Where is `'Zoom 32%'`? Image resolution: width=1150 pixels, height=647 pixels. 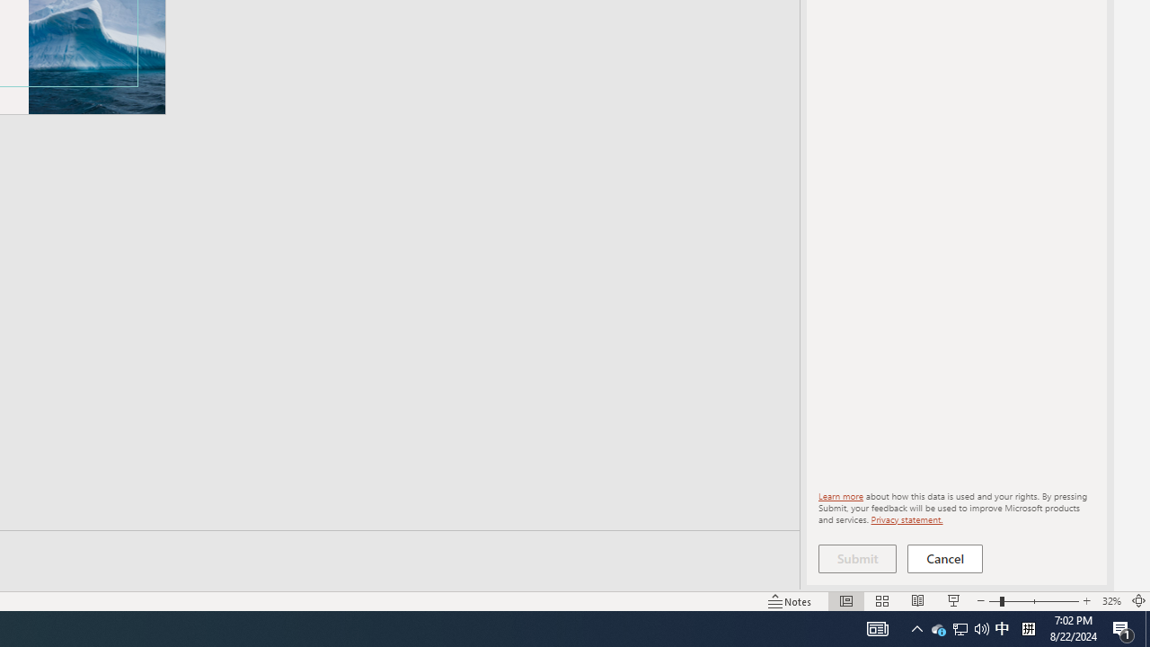 'Zoom 32%' is located at coordinates (1110, 601).